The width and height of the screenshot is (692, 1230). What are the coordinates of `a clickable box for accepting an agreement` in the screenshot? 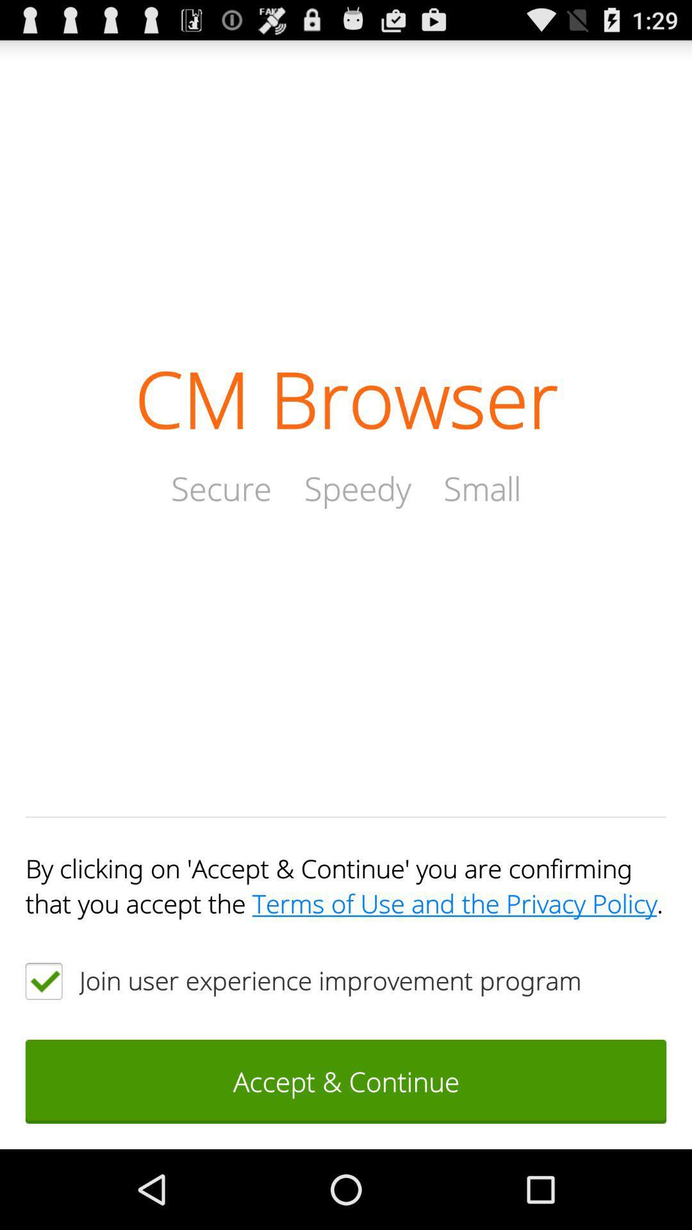 It's located at (43, 980).